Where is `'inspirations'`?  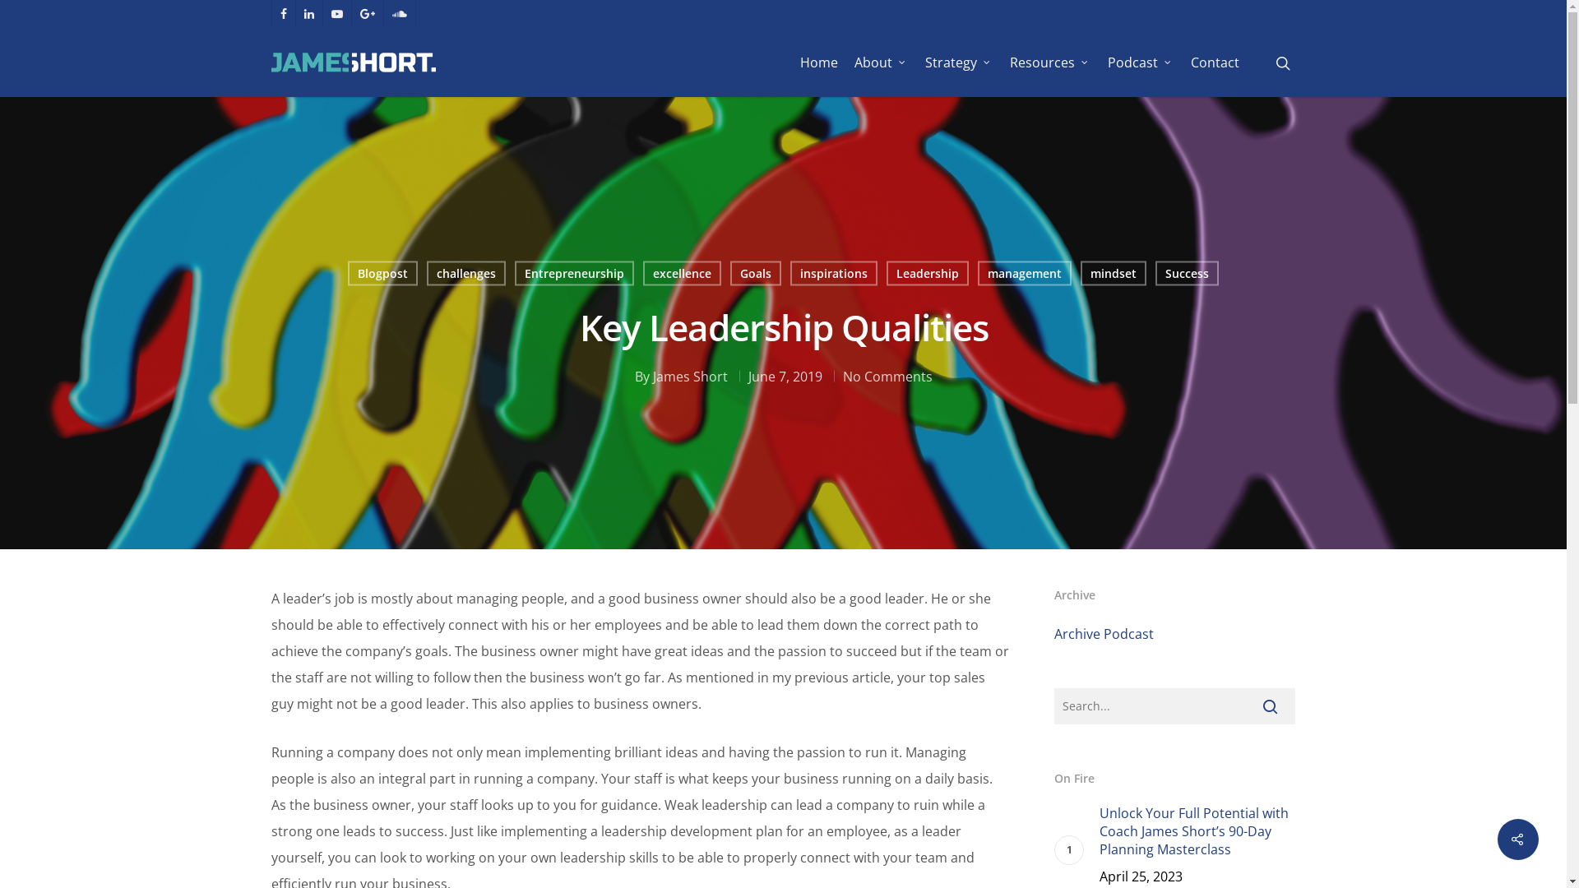
'inspirations' is located at coordinates (832, 272).